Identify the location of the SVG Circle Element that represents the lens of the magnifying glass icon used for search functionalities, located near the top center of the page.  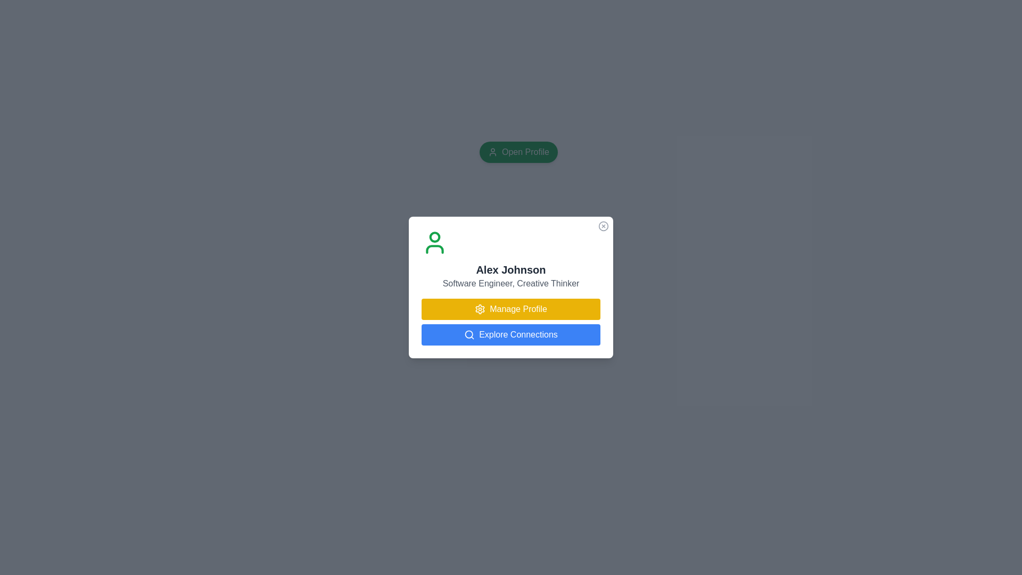
(468, 334).